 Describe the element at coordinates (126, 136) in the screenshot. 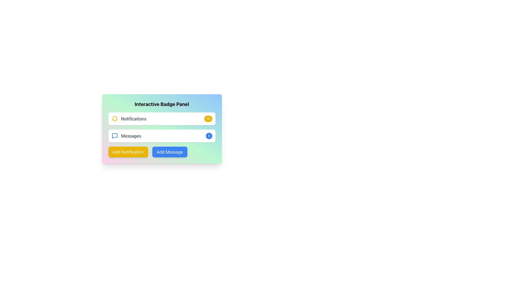

I see `the 'Messages' label with a blue speech bubble icon` at that location.